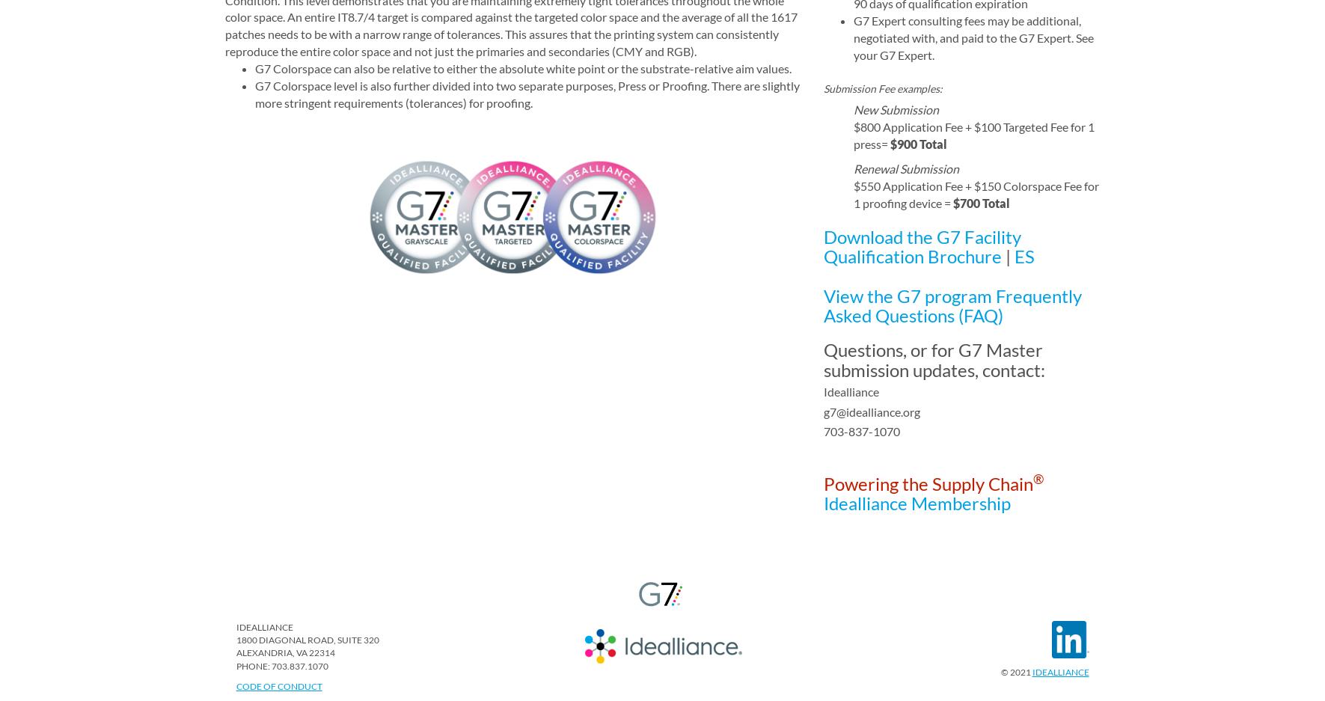  I want to click on 'Questions, or for G7 Master submission updates, contact:', so click(934, 359).